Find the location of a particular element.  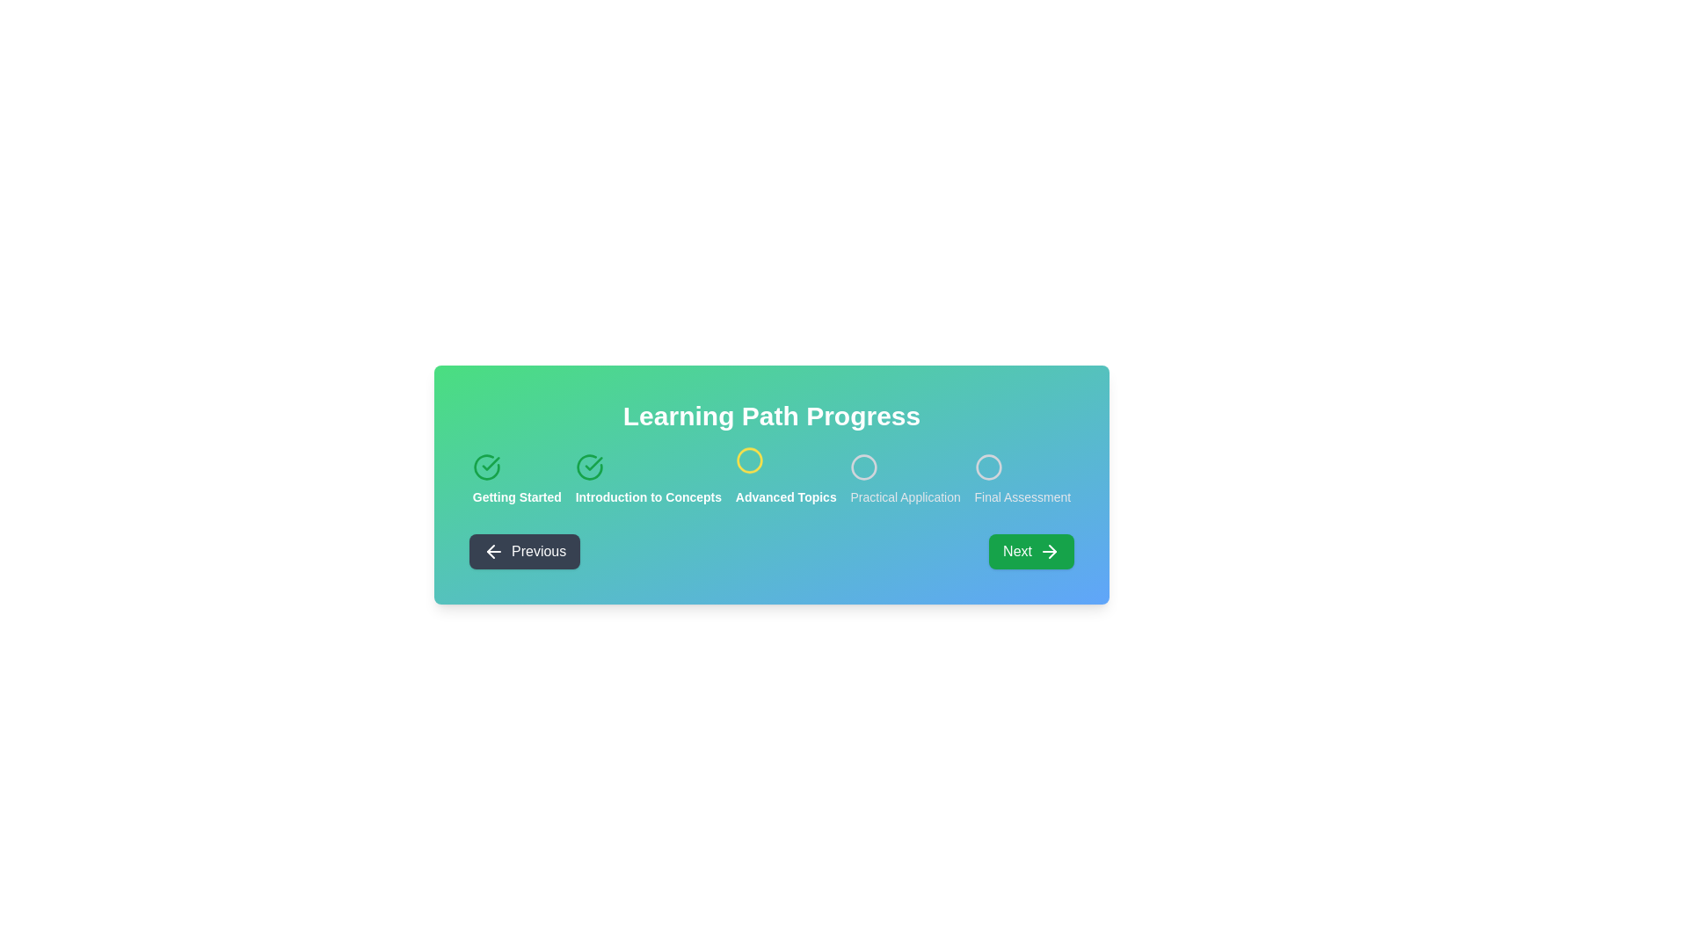

the text label displaying 'Advanced Topics', which is the third milestone in the horizontal progress bar, located below the highlighted circular icon is located at coordinates (785, 497).